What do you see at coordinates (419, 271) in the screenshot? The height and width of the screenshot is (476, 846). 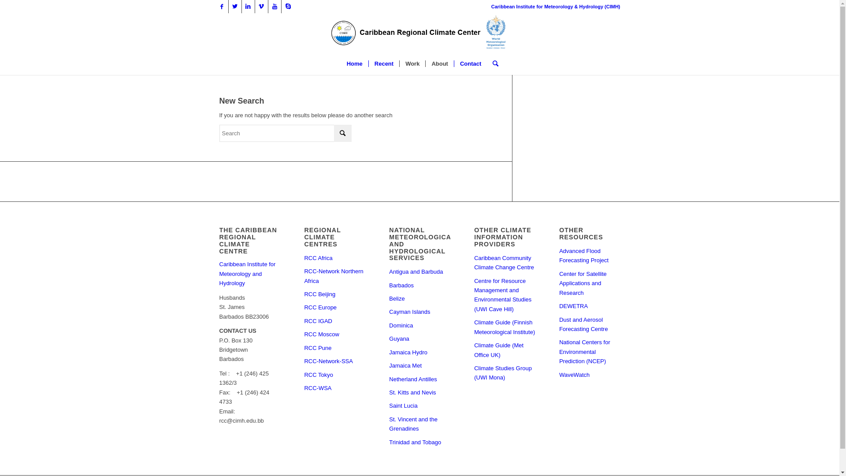 I see `'Antigua and Barbuda'` at bounding box center [419, 271].